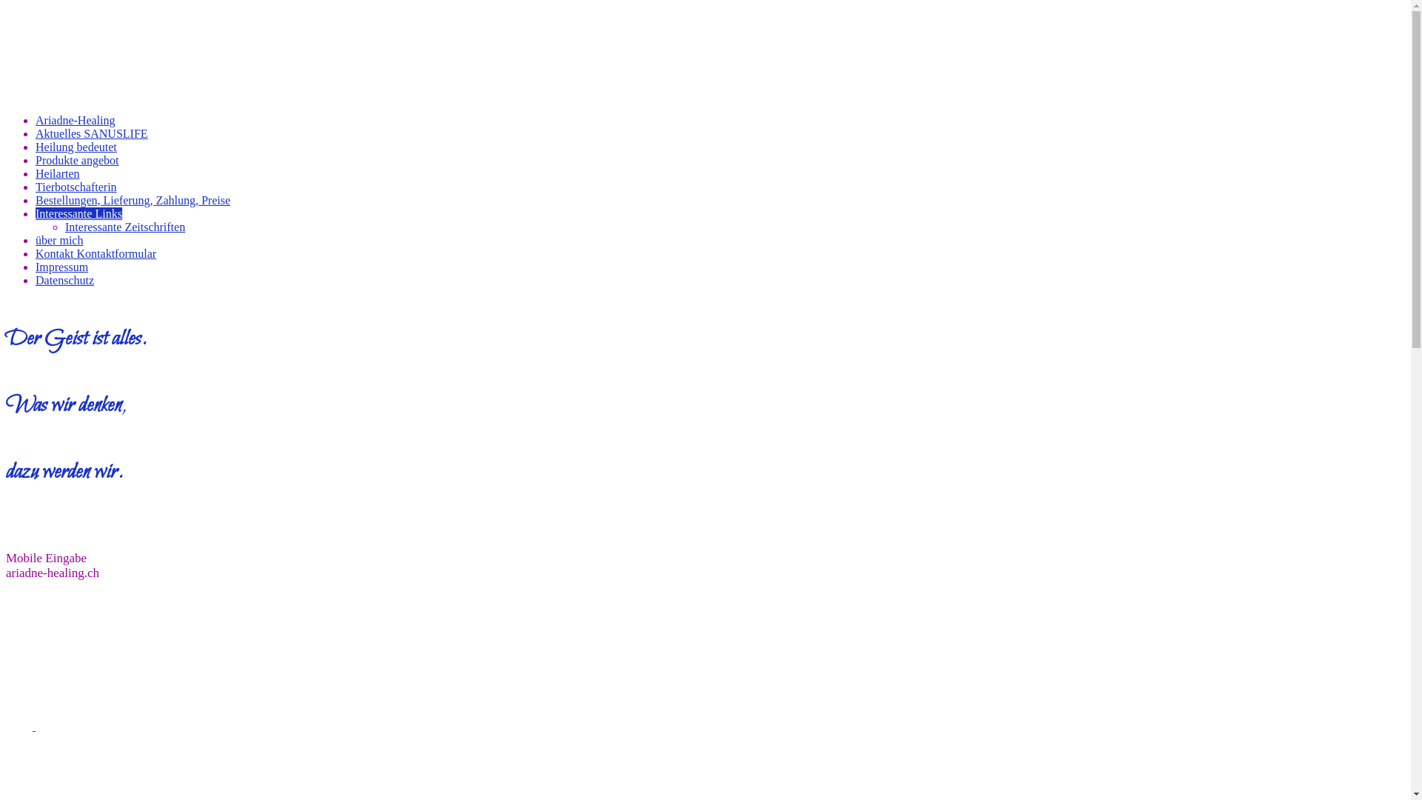 This screenshot has height=800, width=1422. What do you see at coordinates (34, 725) in the screenshot?
I see `' '` at bounding box center [34, 725].